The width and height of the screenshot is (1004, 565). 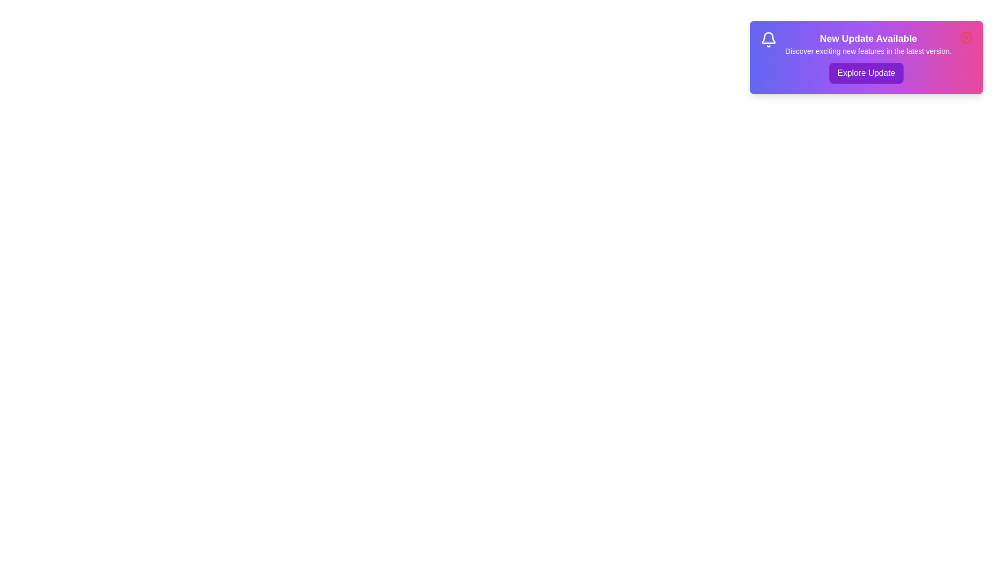 I want to click on the close icon to dismiss the notification, so click(x=966, y=37).